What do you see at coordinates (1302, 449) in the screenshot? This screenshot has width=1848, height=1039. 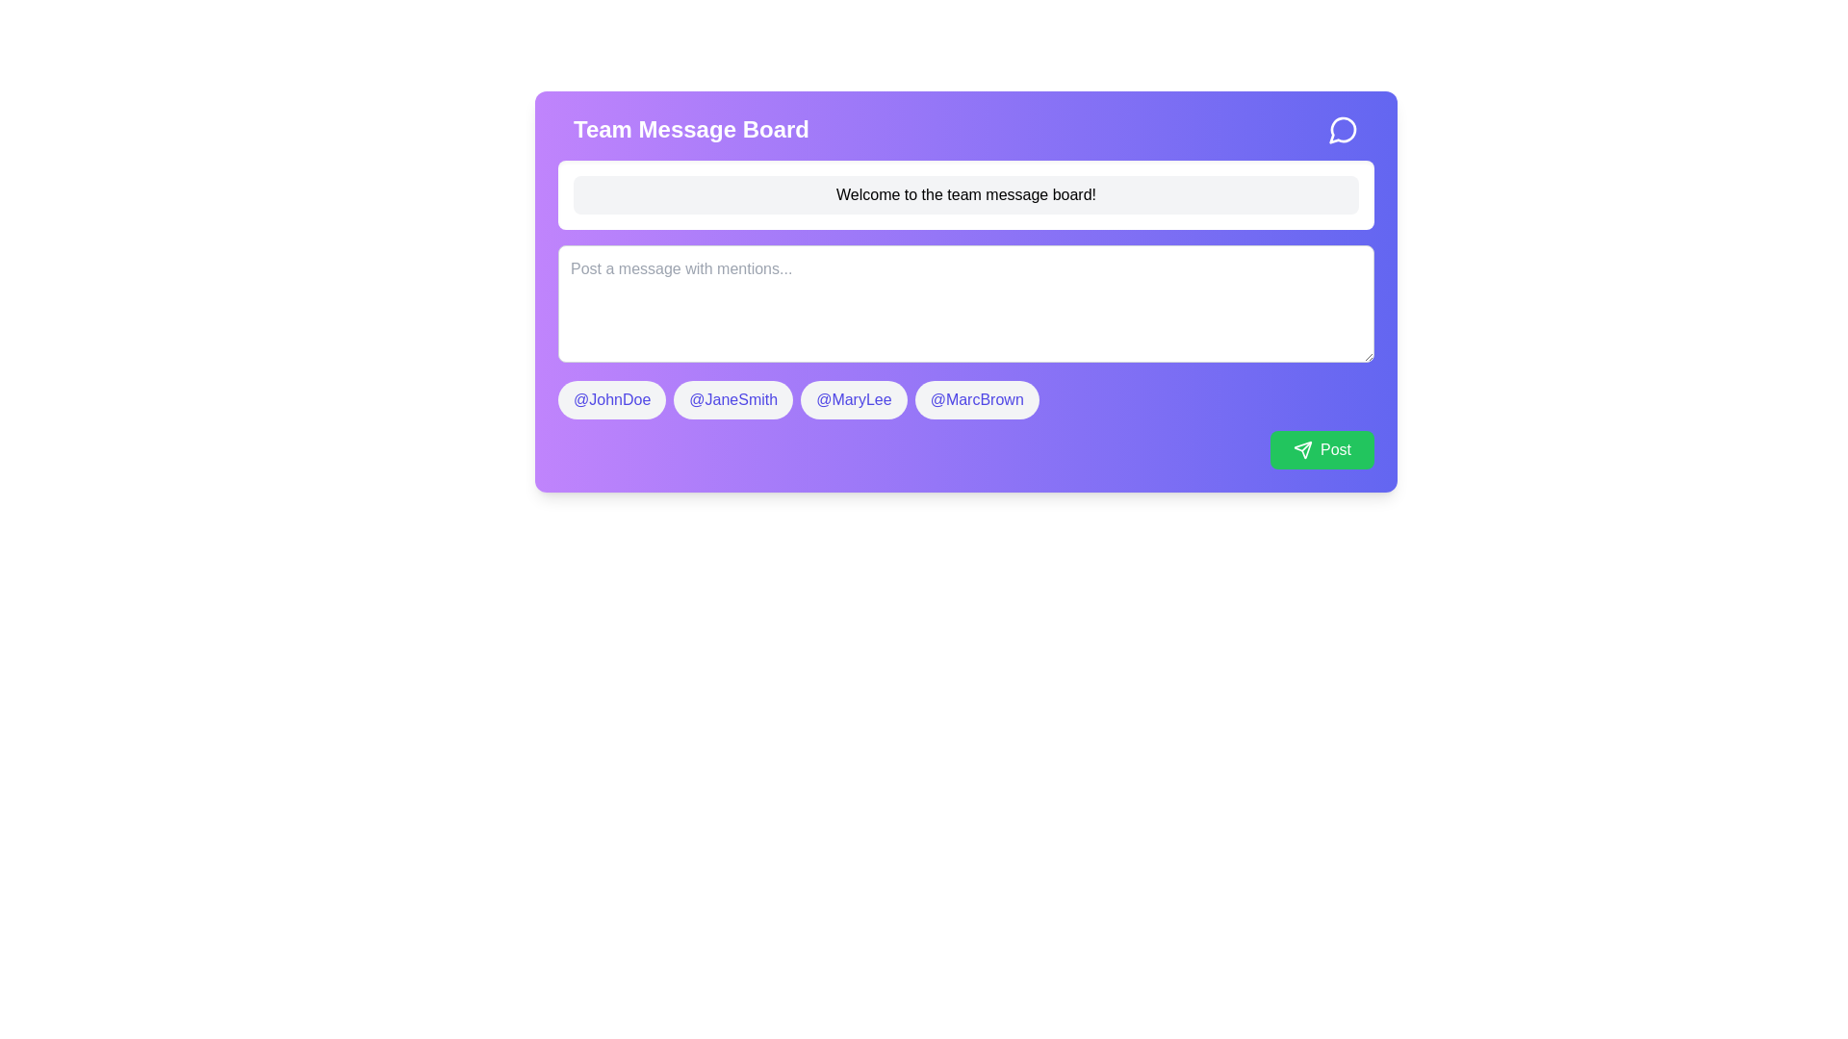 I see `the paper plane icon on the green 'Post' button located in the bottom-right corner of the purple panel` at bounding box center [1302, 449].